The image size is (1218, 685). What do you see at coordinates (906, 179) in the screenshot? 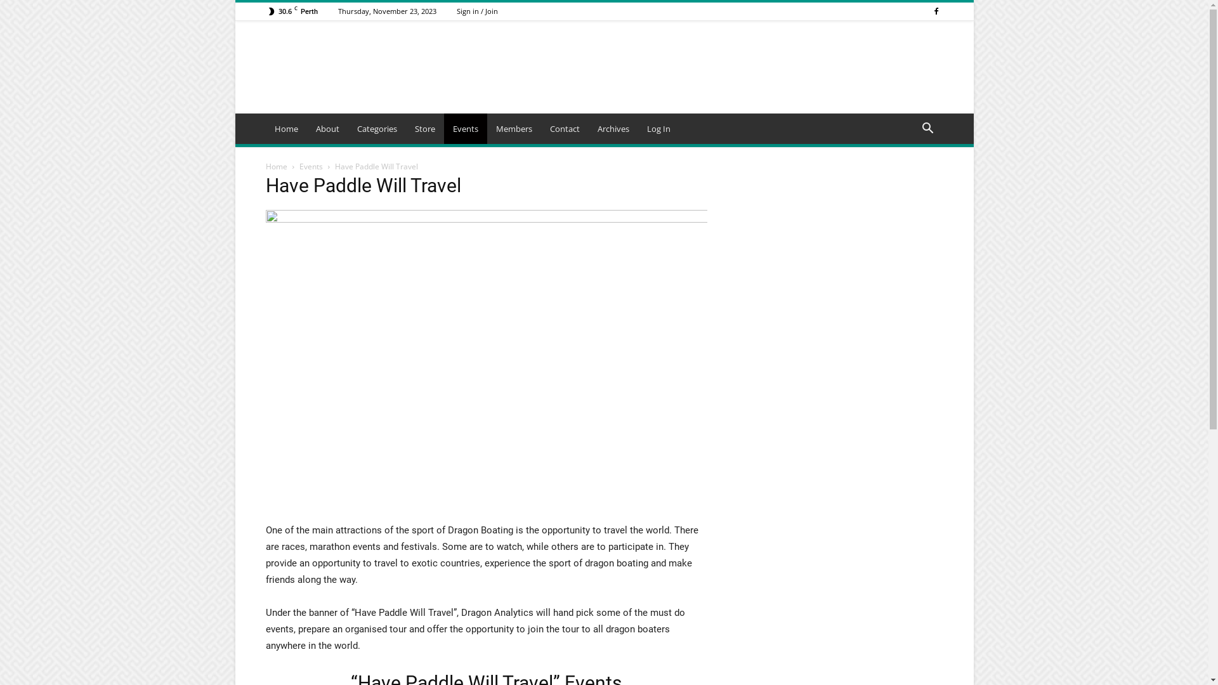
I see `'Search'` at bounding box center [906, 179].